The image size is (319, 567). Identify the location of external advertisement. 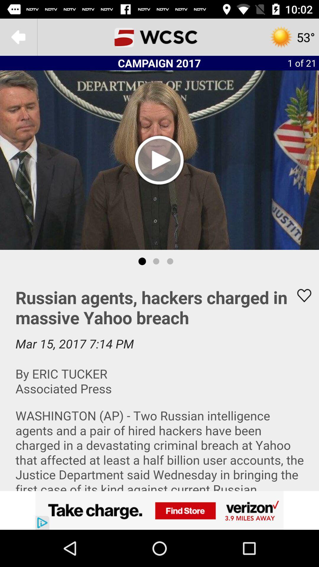
(159, 510).